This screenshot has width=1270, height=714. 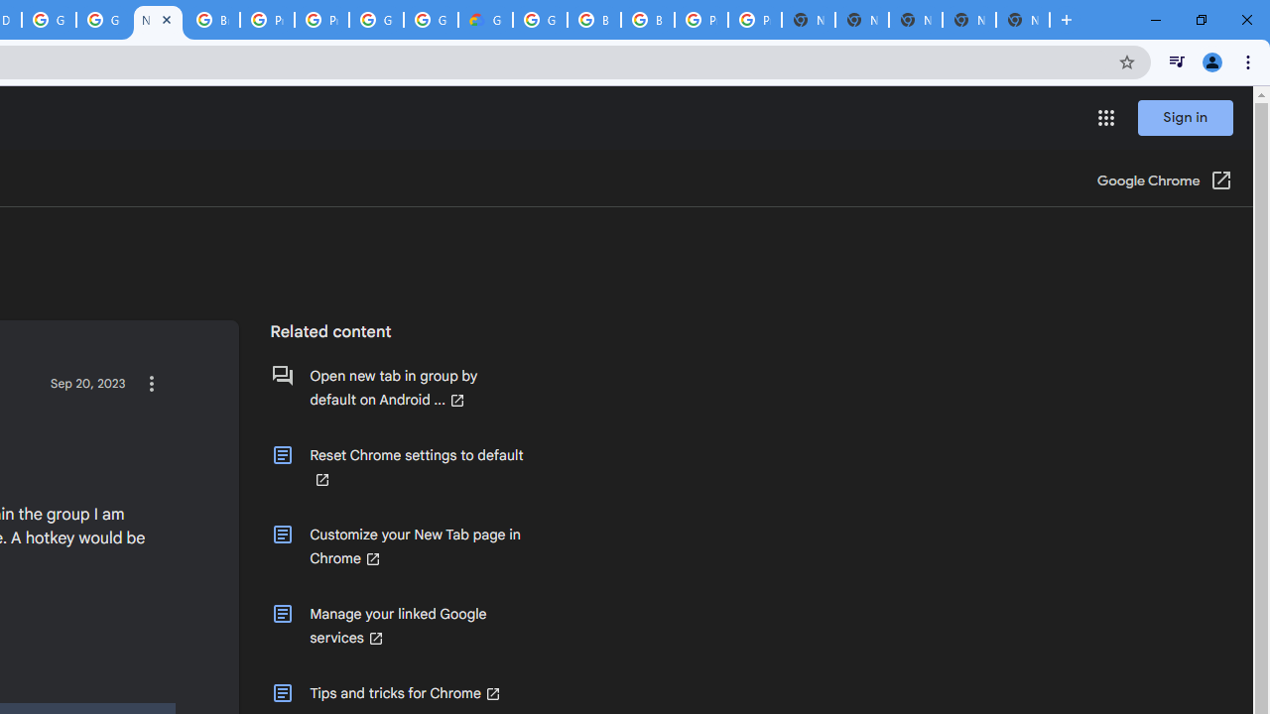 What do you see at coordinates (49, 20) in the screenshot?
I see `'Google Cloud Platform'` at bounding box center [49, 20].